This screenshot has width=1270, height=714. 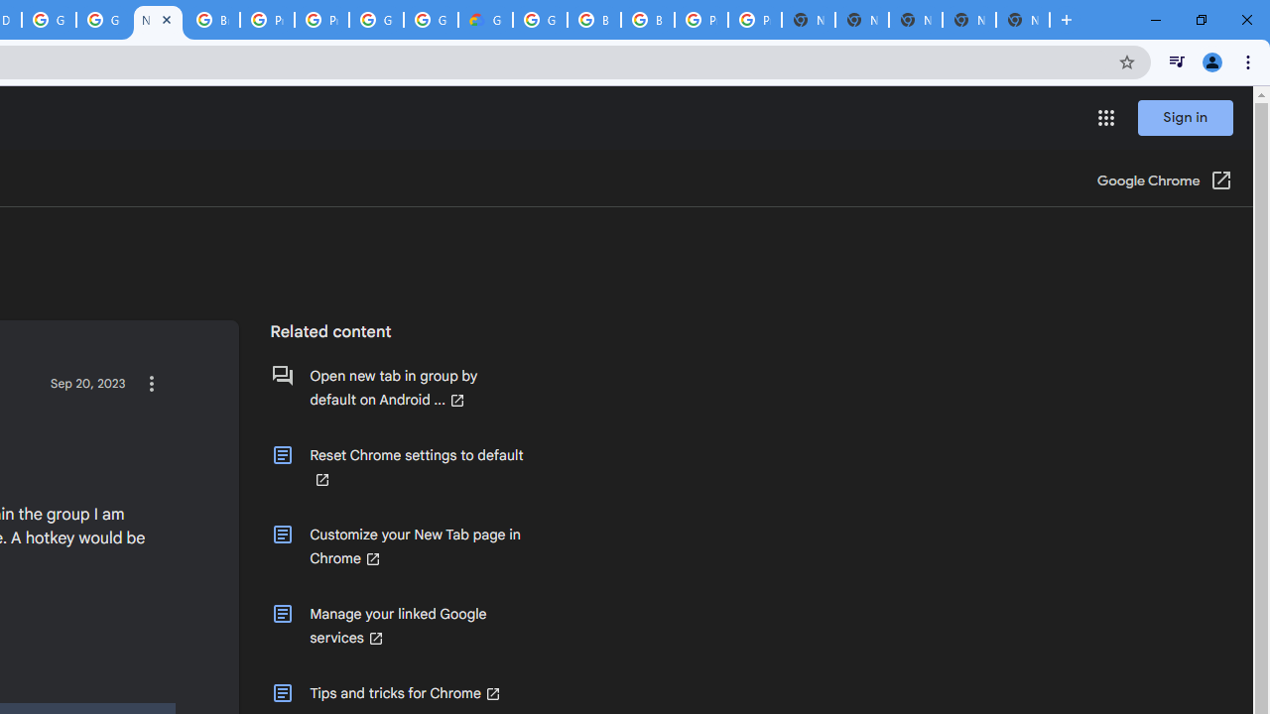 What do you see at coordinates (49, 20) in the screenshot?
I see `'Google Cloud Platform'` at bounding box center [49, 20].